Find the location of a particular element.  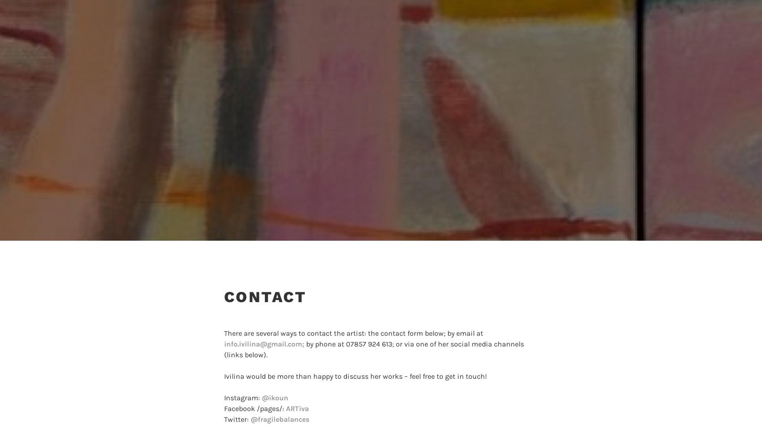

'Facebook /pages/:' is located at coordinates (224, 408).